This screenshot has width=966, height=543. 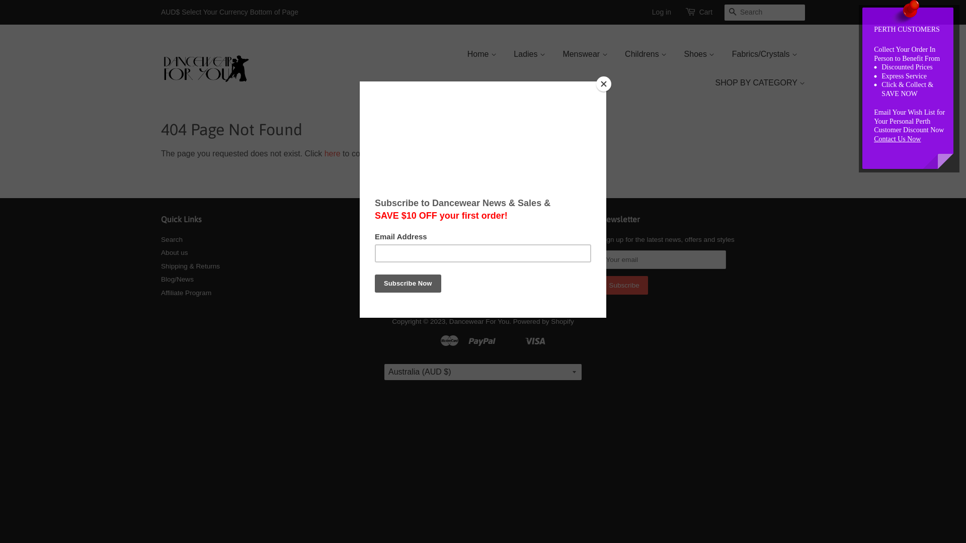 I want to click on 'Log in', so click(x=662, y=12).